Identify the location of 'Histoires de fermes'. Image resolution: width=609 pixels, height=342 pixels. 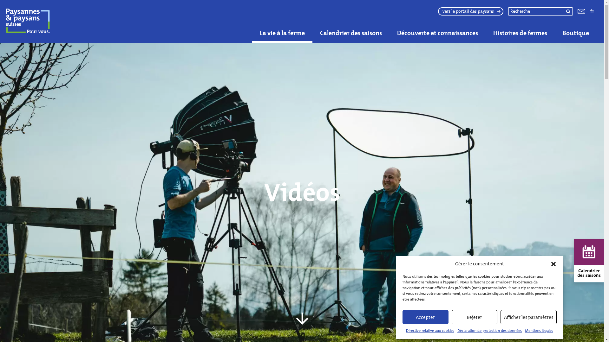
(520, 33).